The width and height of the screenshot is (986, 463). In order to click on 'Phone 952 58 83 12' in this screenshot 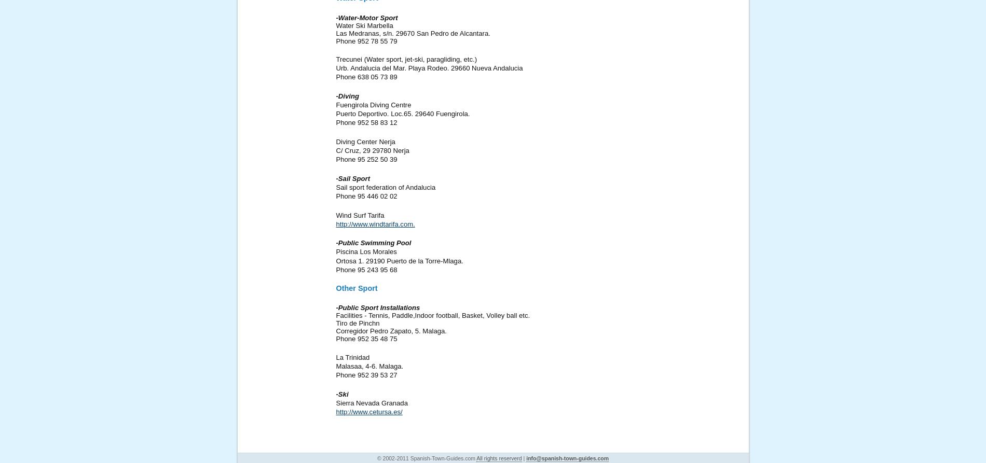, I will do `click(366, 122)`.